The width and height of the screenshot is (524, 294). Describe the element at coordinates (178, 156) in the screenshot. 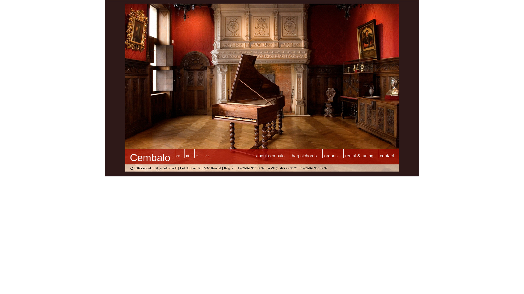

I see `'en'` at that location.